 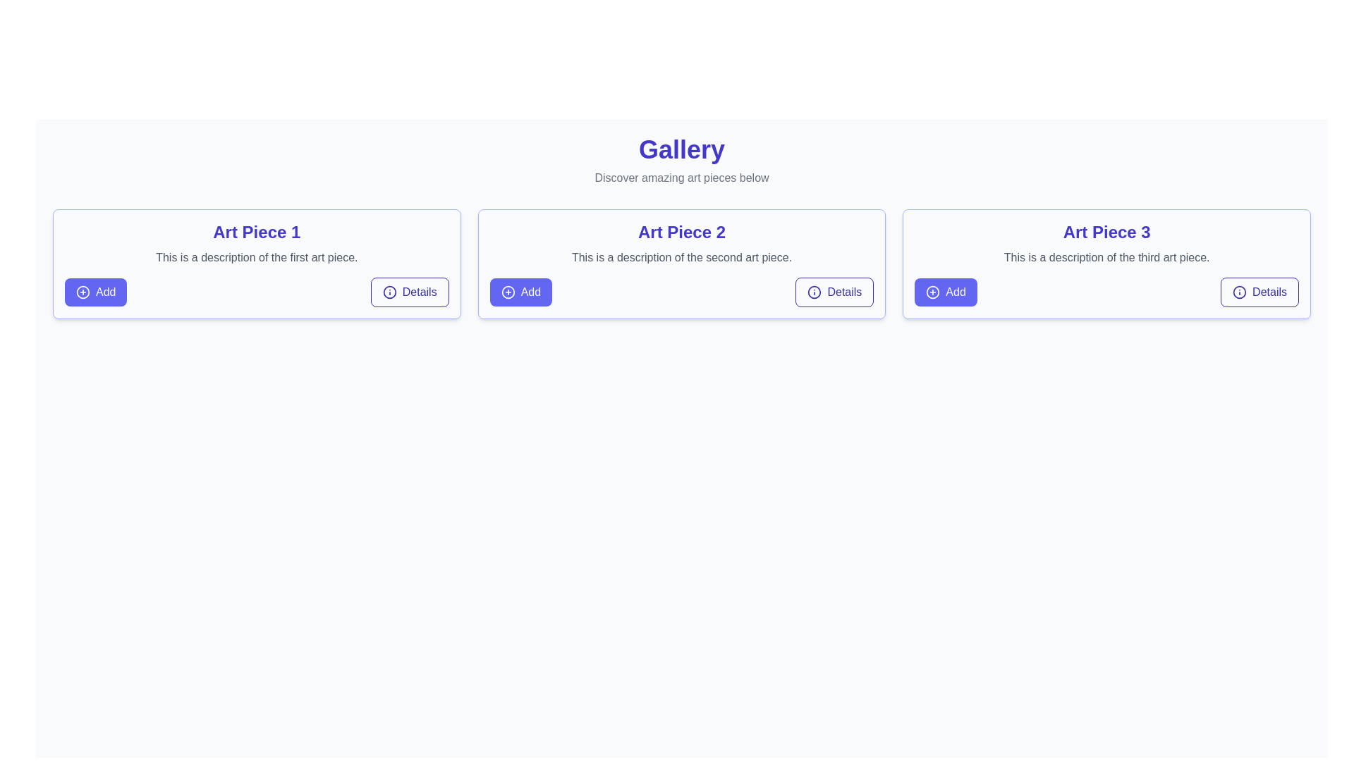 I want to click on the 'Details' button with an 'i' icon located in the bottom-right corner of the 'Art Piece 2' card, so click(x=834, y=292).